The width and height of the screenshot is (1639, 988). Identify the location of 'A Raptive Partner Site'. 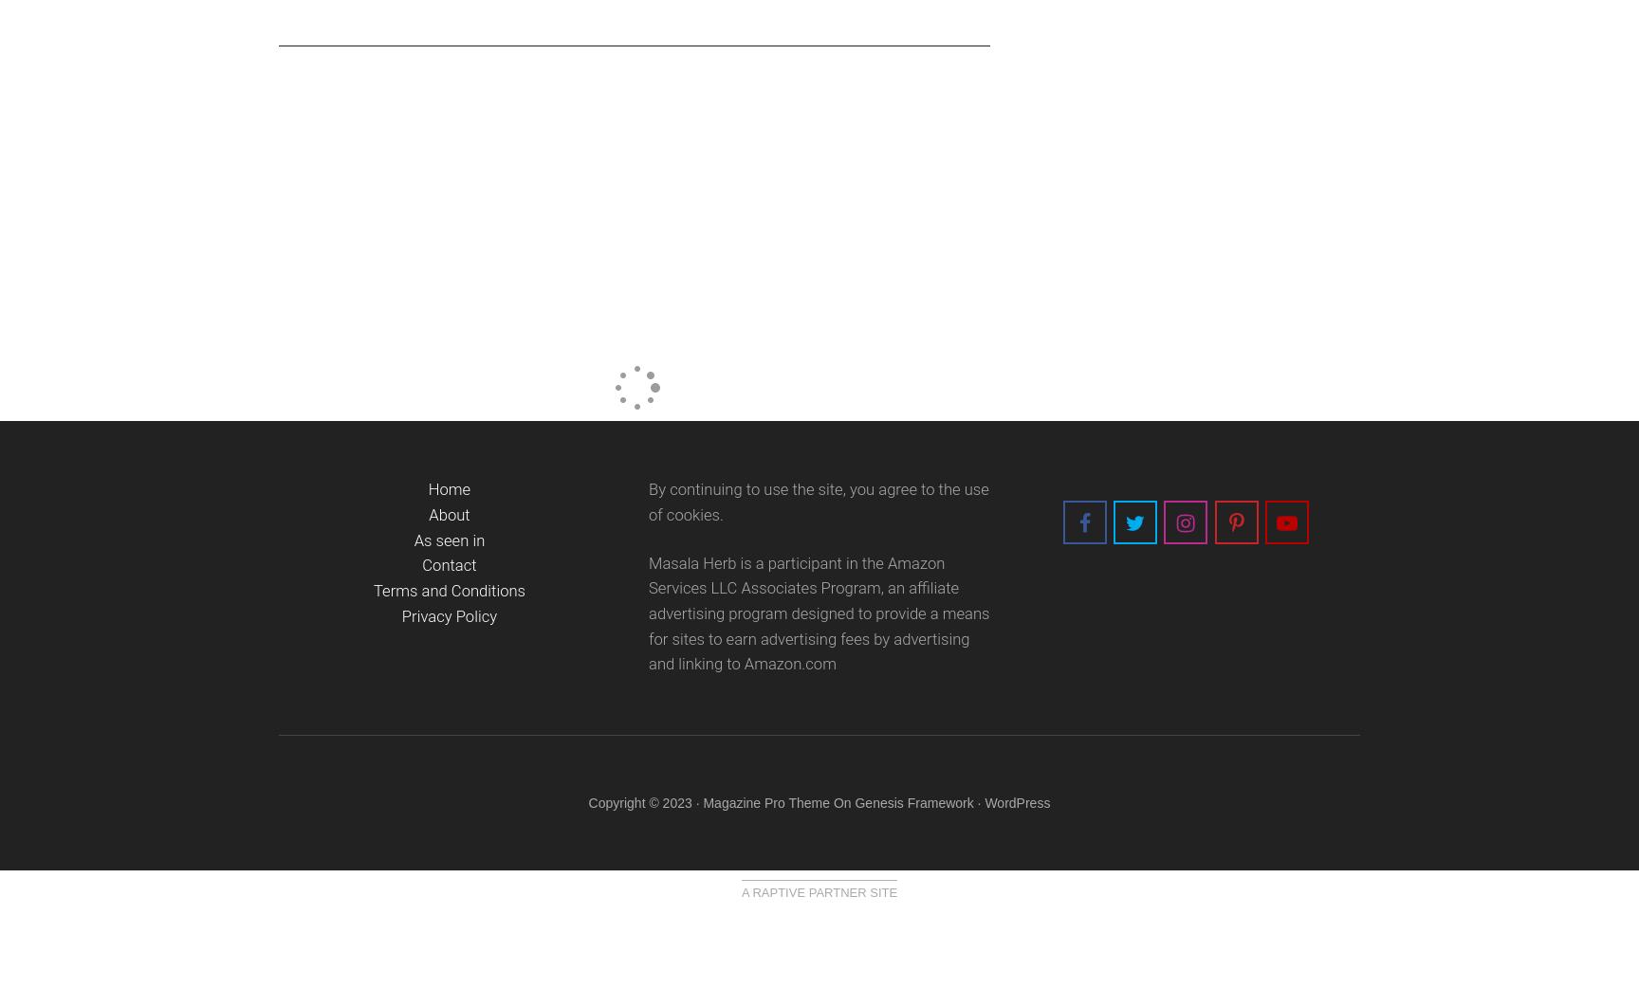
(740, 891).